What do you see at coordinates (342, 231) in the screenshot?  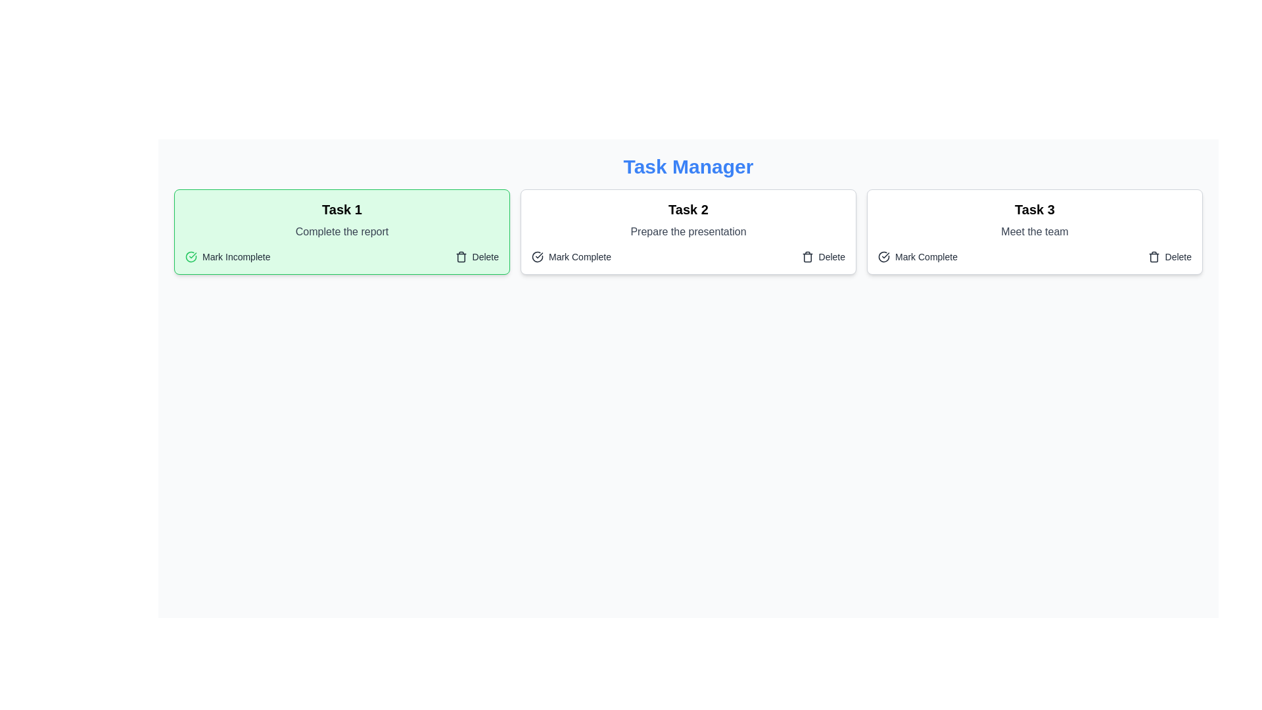 I see `the static text component displaying the description for 'Task 1', which is located underneath the header and above the buttons 'Mark Incomplete' and 'Delete'` at bounding box center [342, 231].